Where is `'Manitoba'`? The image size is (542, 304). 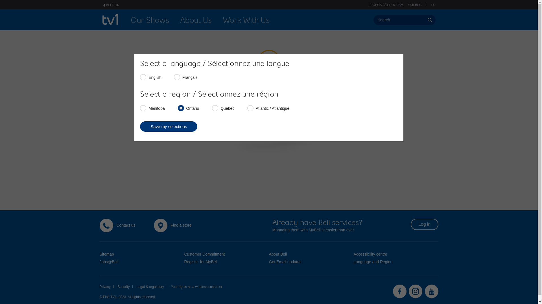
'Manitoba' is located at coordinates (142, 107).